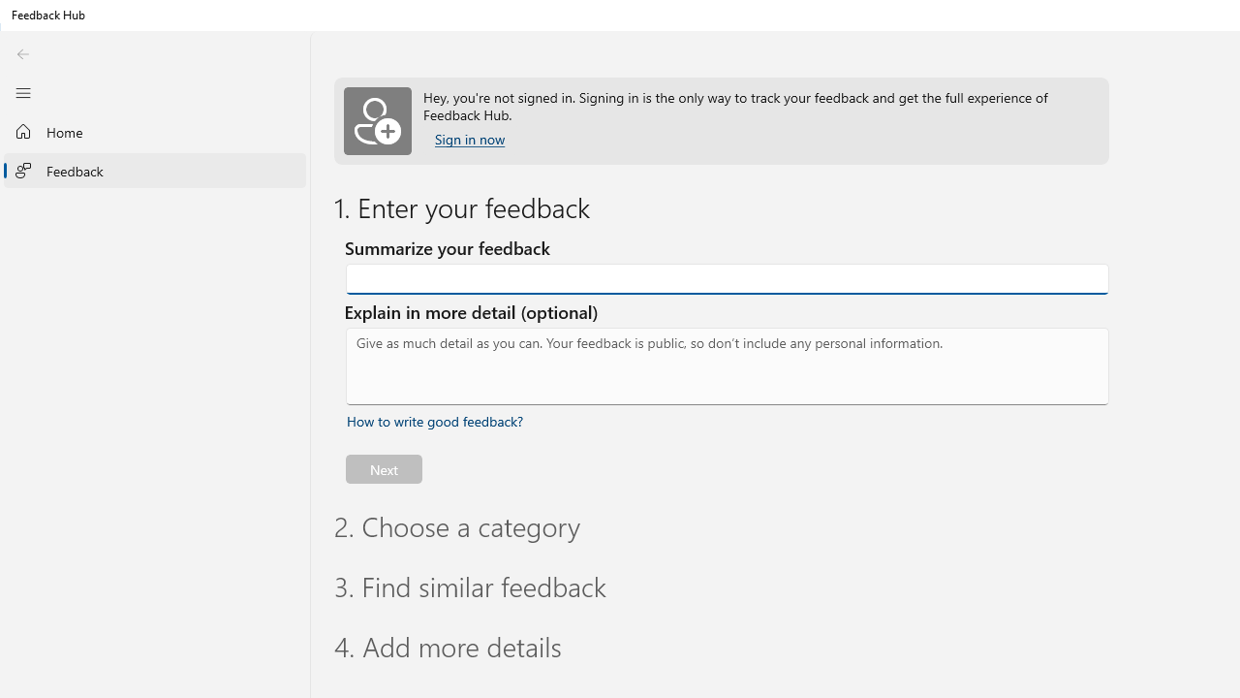 Image resolution: width=1240 pixels, height=698 pixels. What do you see at coordinates (384, 468) in the screenshot?
I see `'Next'` at bounding box center [384, 468].